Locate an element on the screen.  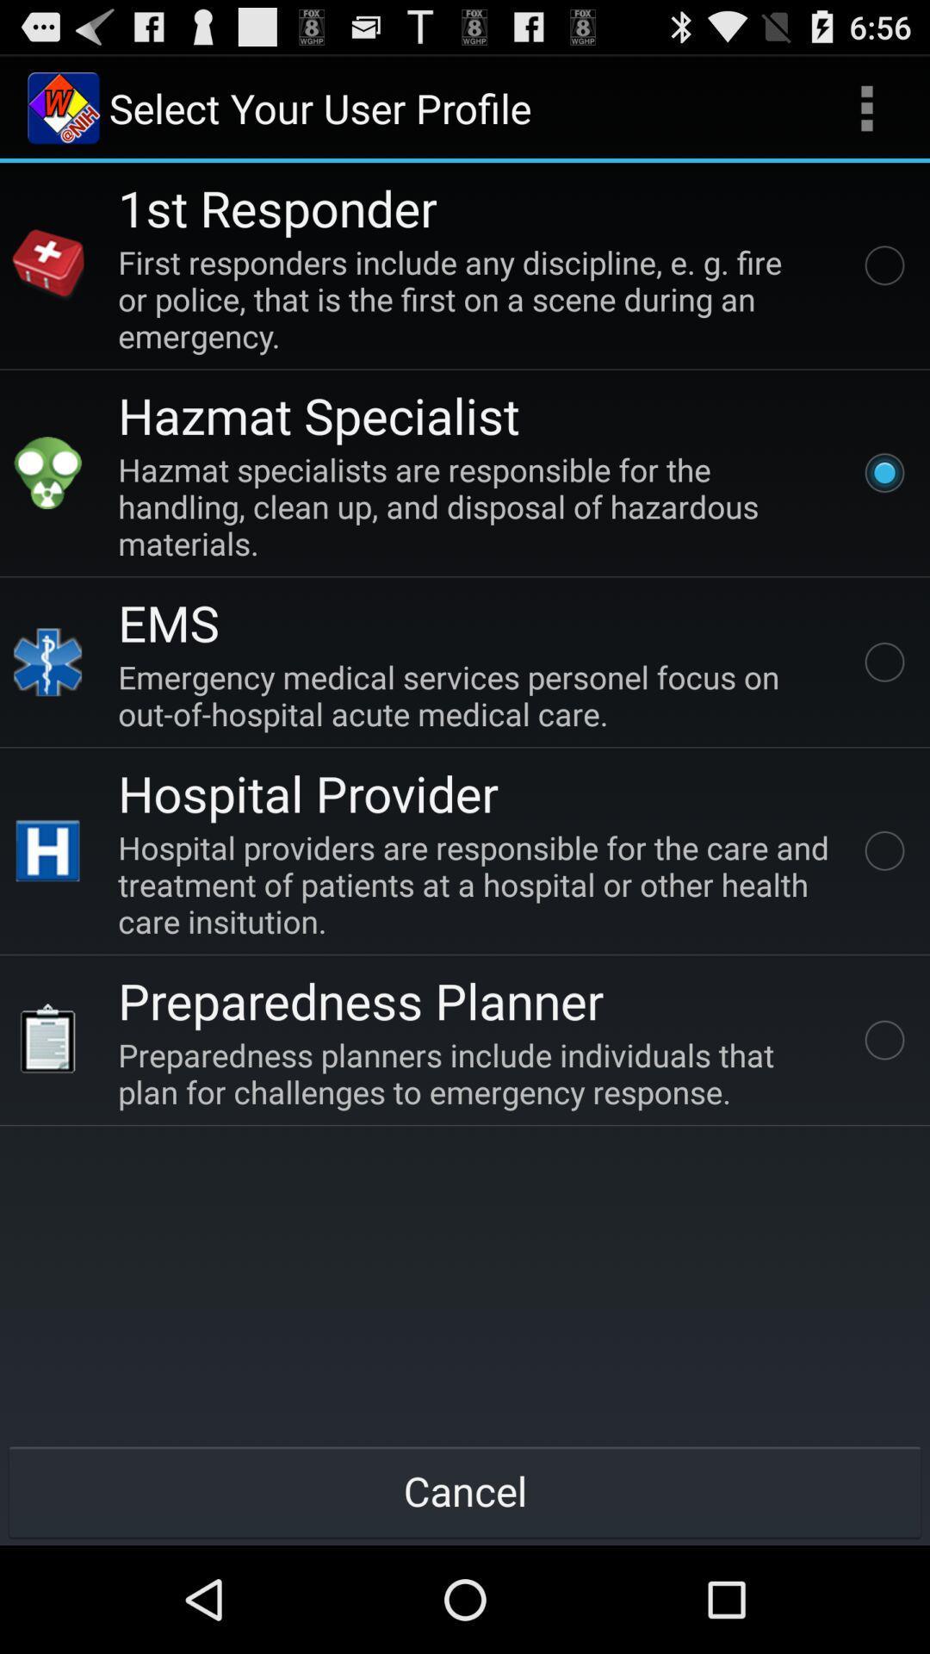
the ems logo is located at coordinates (47, 661).